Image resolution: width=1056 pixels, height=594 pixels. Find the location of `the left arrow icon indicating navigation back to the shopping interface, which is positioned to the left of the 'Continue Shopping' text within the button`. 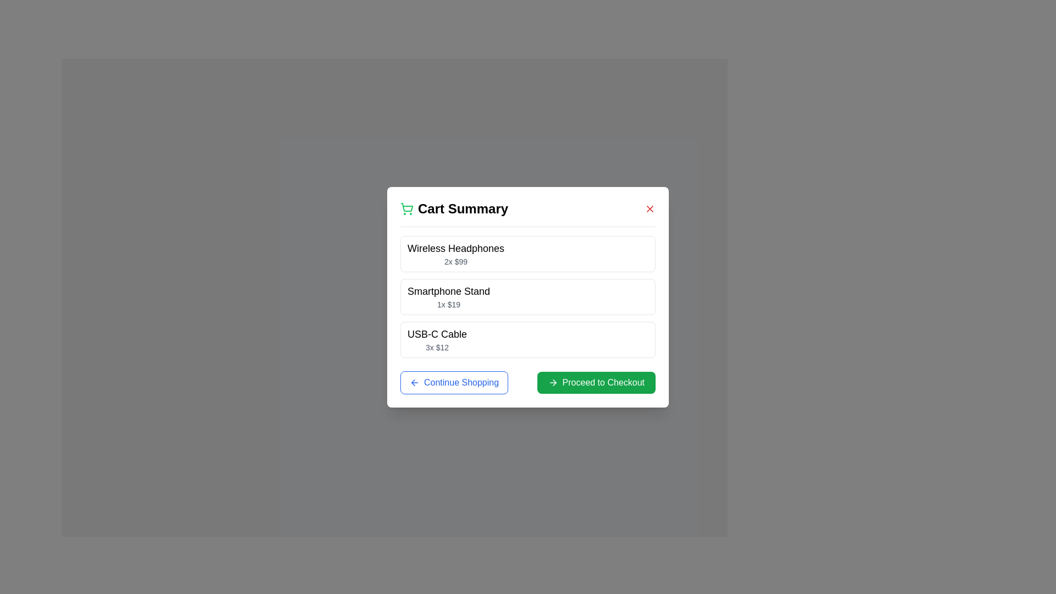

the left arrow icon indicating navigation back to the shopping interface, which is positioned to the left of the 'Continue Shopping' text within the button is located at coordinates (414, 381).